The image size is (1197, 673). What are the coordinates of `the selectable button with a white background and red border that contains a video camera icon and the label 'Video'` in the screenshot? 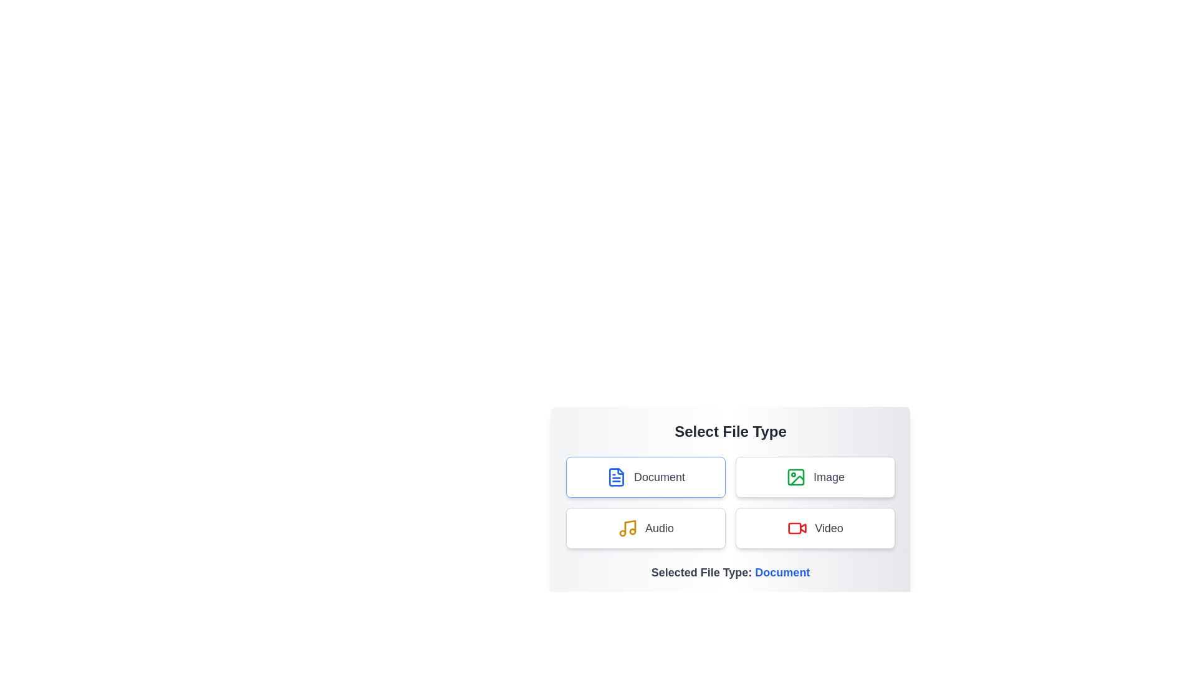 It's located at (815, 528).